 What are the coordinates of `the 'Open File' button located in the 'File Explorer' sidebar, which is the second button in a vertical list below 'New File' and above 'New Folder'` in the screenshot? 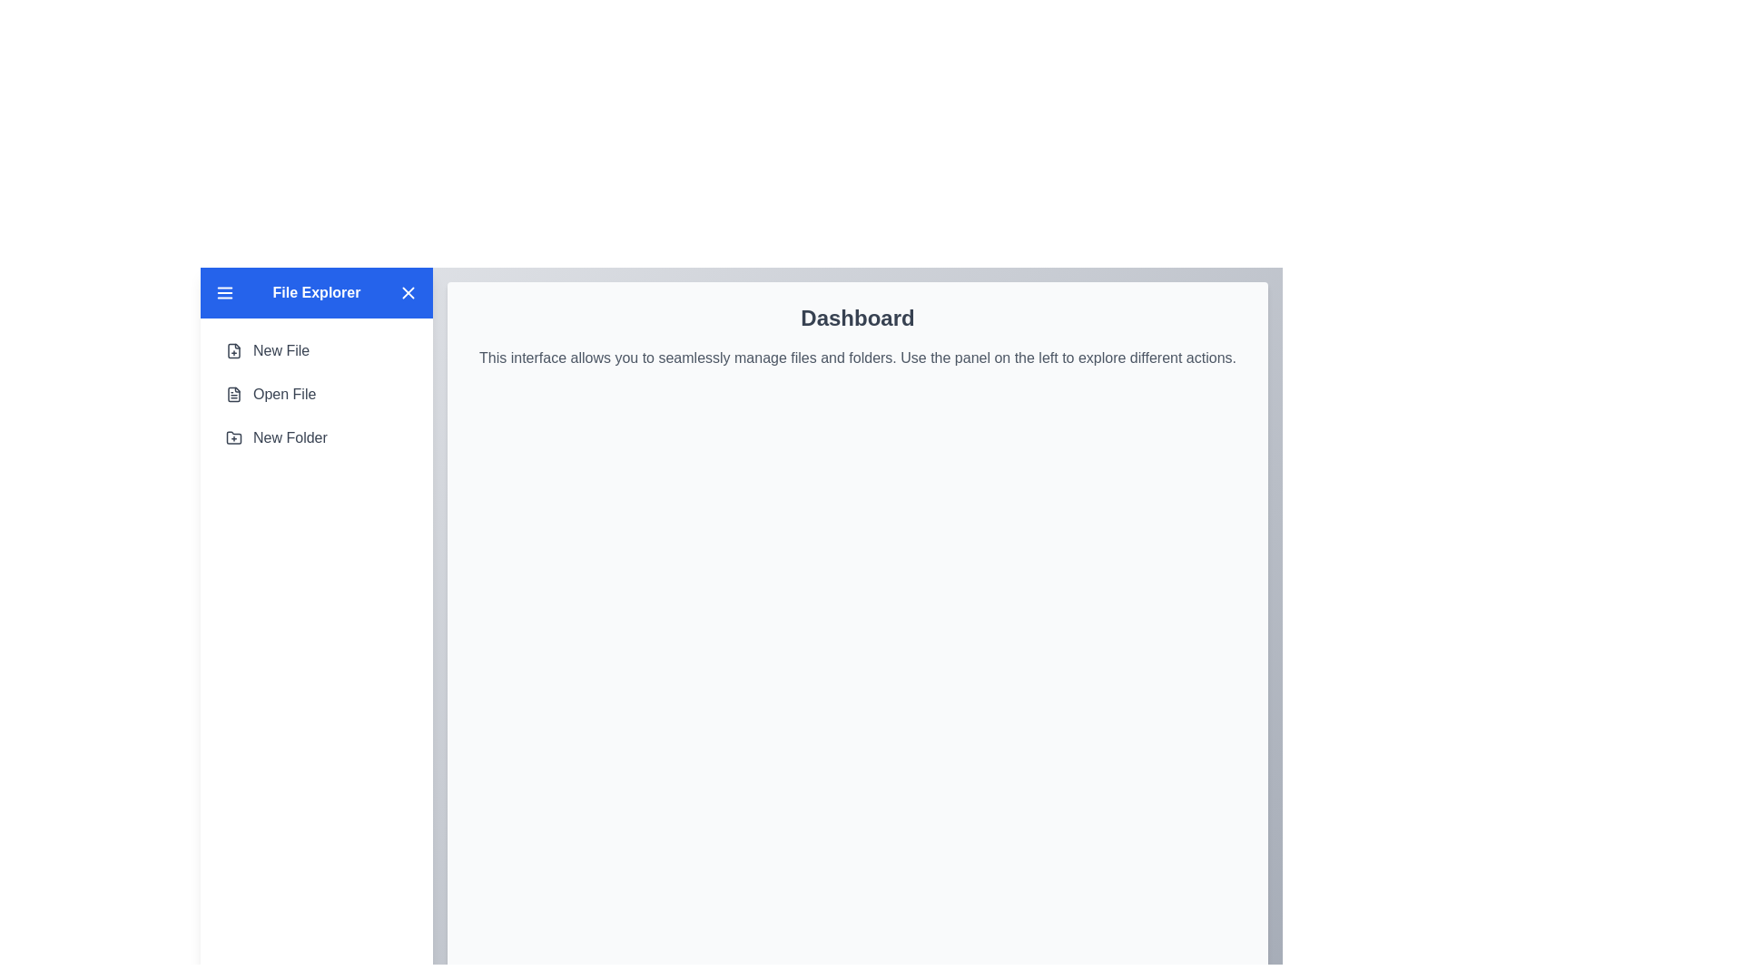 It's located at (317, 394).